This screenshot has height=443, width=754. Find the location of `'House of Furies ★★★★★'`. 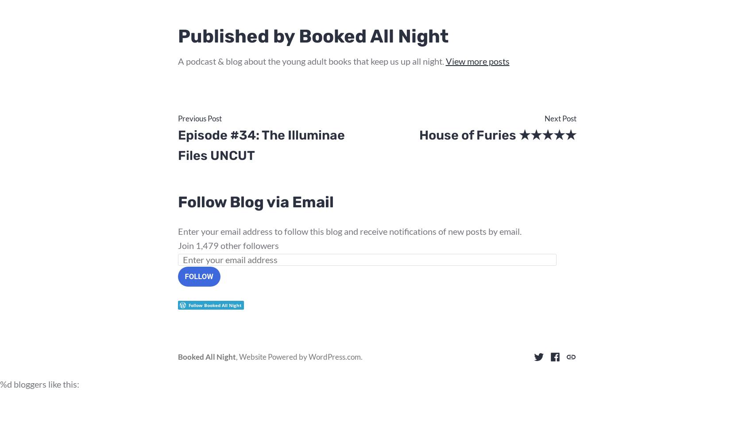

'House of Furies ★★★★★' is located at coordinates (497, 135).